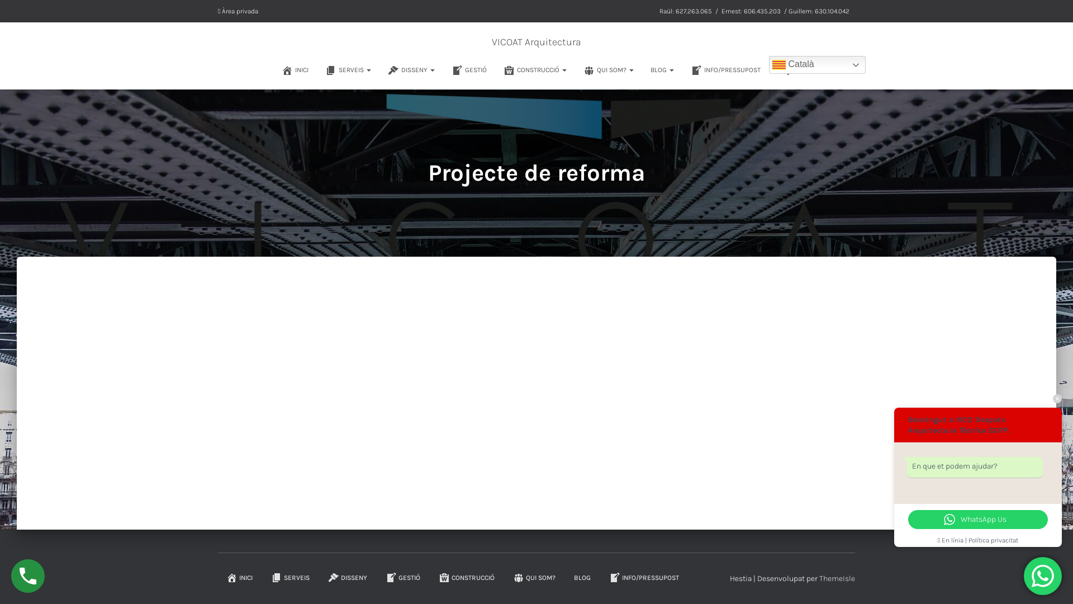  What do you see at coordinates (608, 69) in the screenshot?
I see `'QUI SOM?'` at bounding box center [608, 69].